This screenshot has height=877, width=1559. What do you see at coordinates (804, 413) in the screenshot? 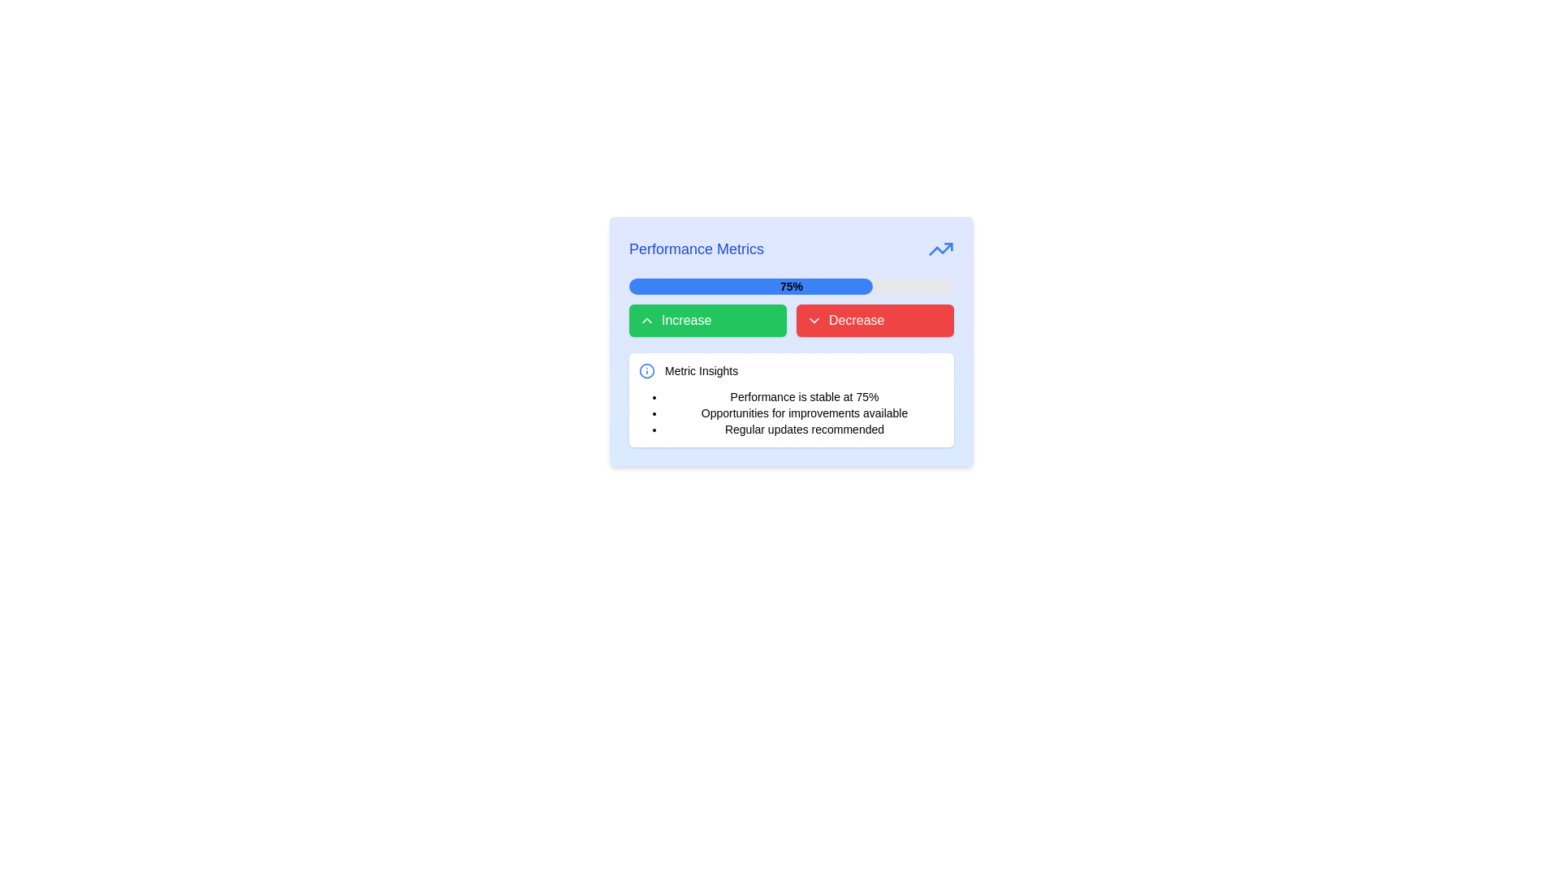
I see `the second item in the 'Metric Insights' bulleted list, which provides descriptive information related to performance metrics` at bounding box center [804, 413].